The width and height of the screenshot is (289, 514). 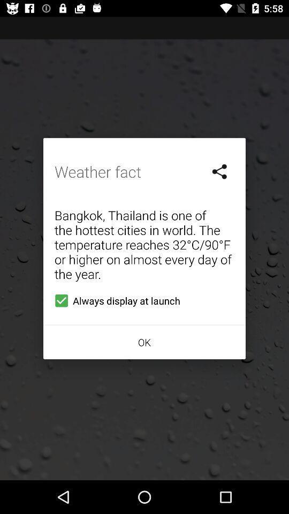 I want to click on the icon below the bangkok thailand is icon, so click(x=115, y=300).